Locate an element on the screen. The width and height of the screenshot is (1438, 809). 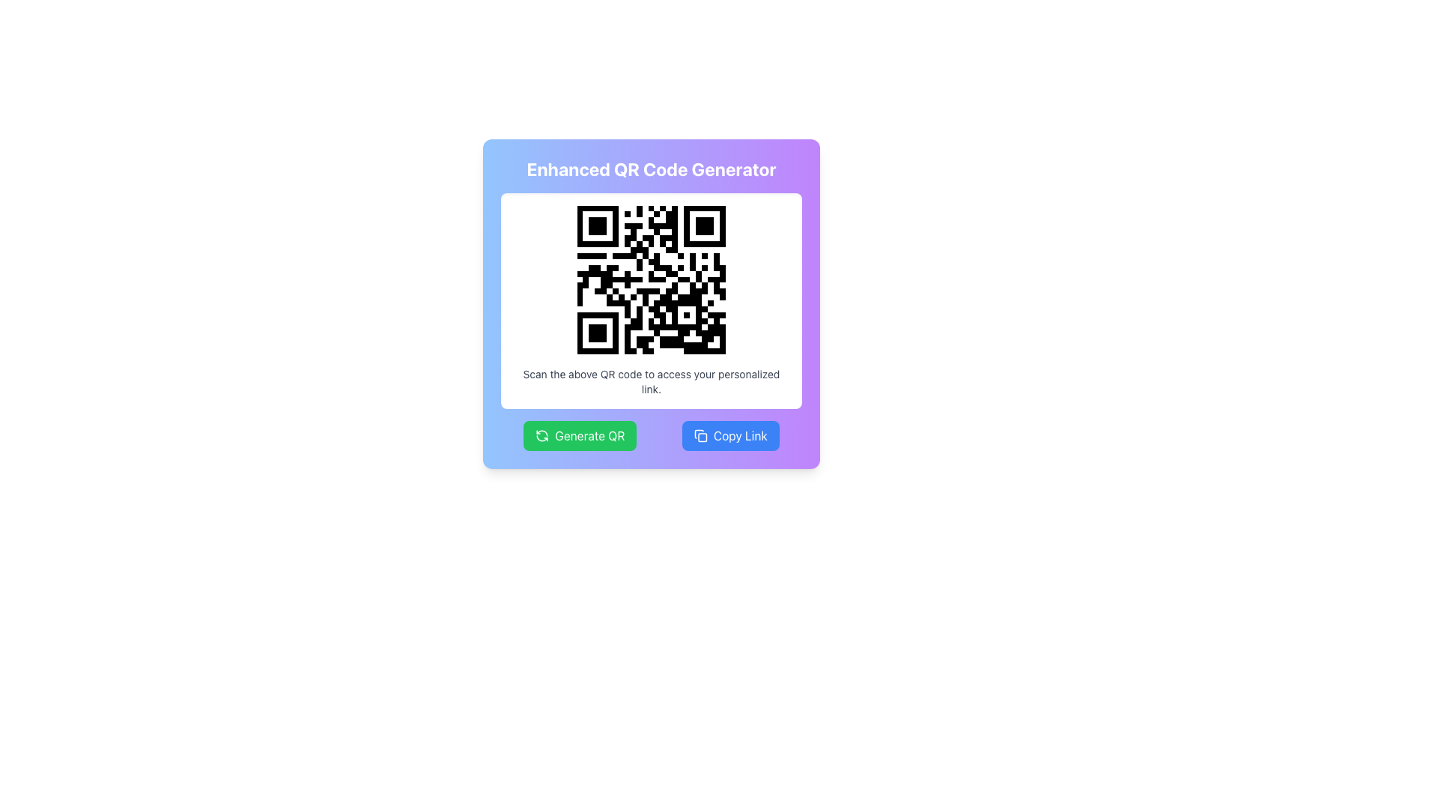
the 'Copy Link' text label within the blue rectangular button is located at coordinates (740, 436).